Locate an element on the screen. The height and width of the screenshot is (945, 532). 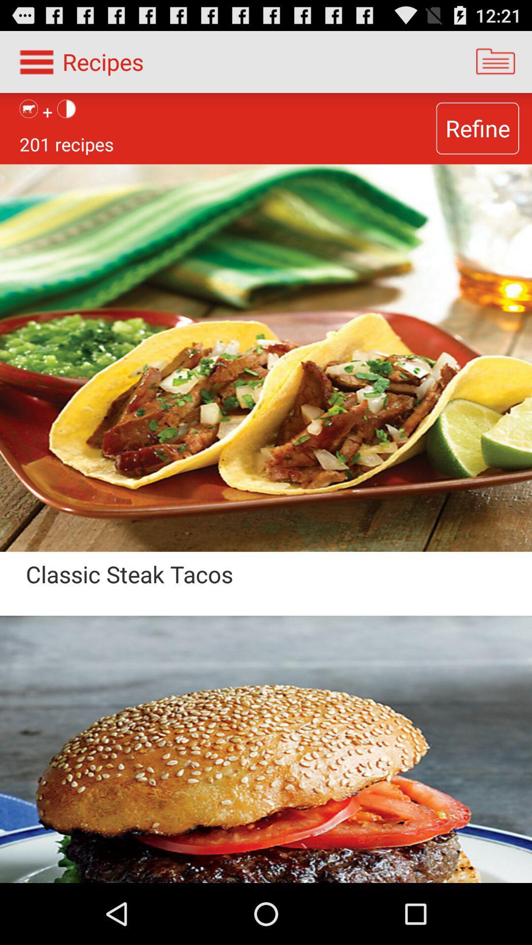
the refine item is located at coordinates (477, 127).